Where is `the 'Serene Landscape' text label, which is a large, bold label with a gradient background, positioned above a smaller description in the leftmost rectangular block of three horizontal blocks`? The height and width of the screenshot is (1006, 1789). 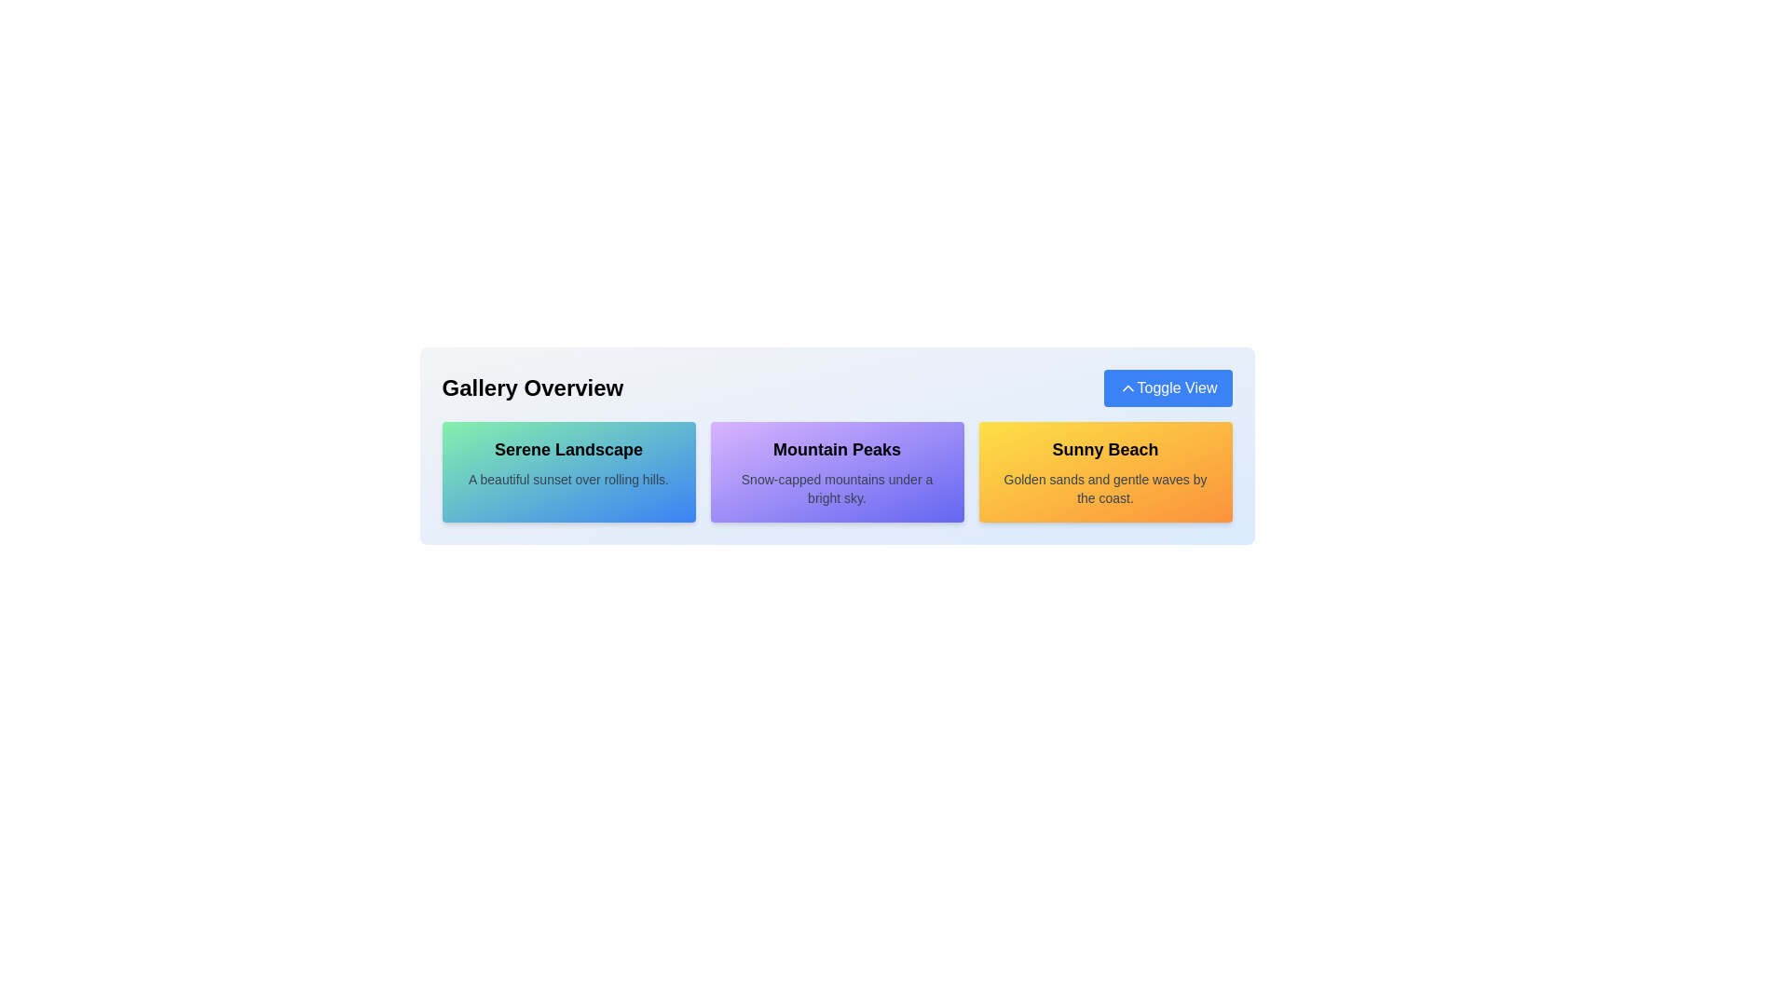 the 'Serene Landscape' text label, which is a large, bold label with a gradient background, positioned above a smaller description in the leftmost rectangular block of three horizontal blocks is located at coordinates (567, 449).